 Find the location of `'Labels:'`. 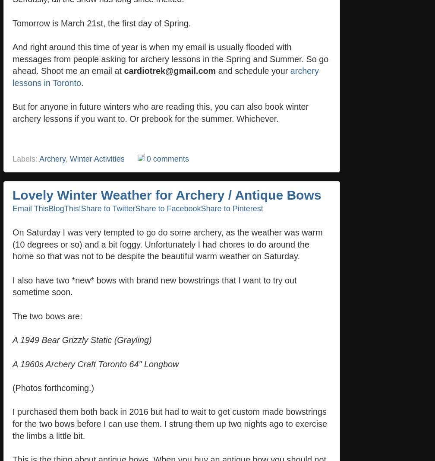

'Labels:' is located at coordinates (25, 159).